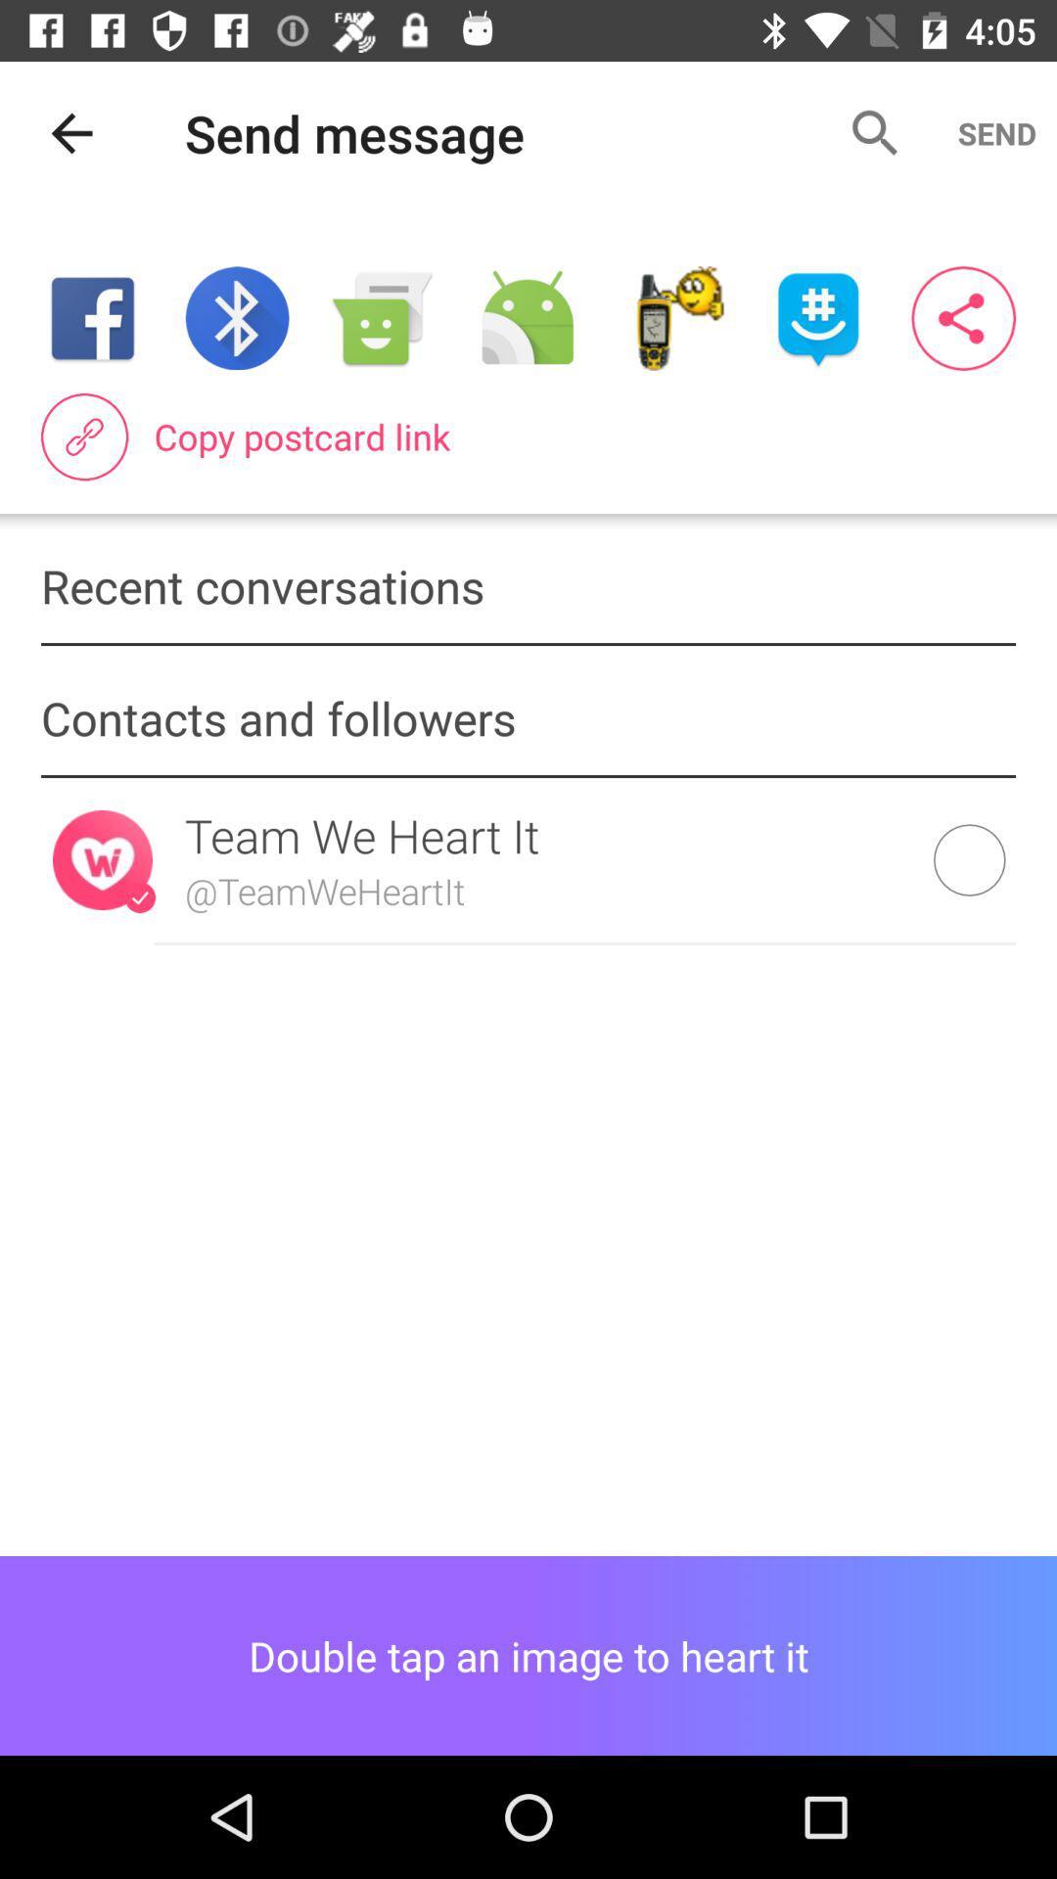  What do you see at coordinates (818, 318) in the screenshot?
I see `the emoji icon` at bounding box center [818, 318].